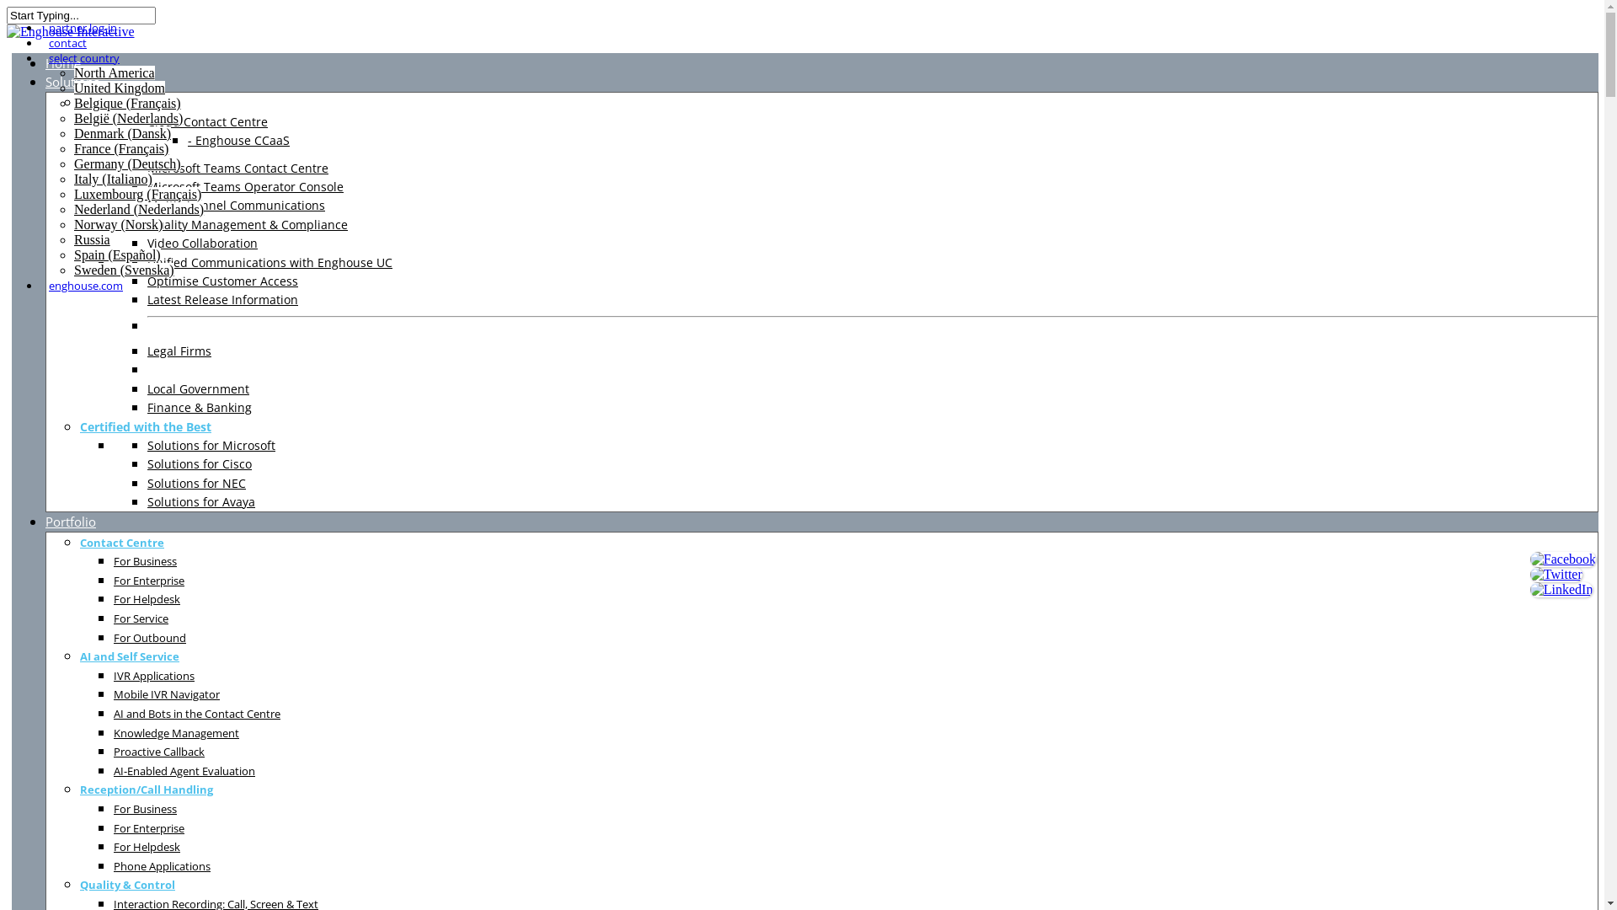  What do you see at coordinates (147, 444) in the screenshot?
I see `'Solutions for Microsoft'` at bounding box center [147, 444].